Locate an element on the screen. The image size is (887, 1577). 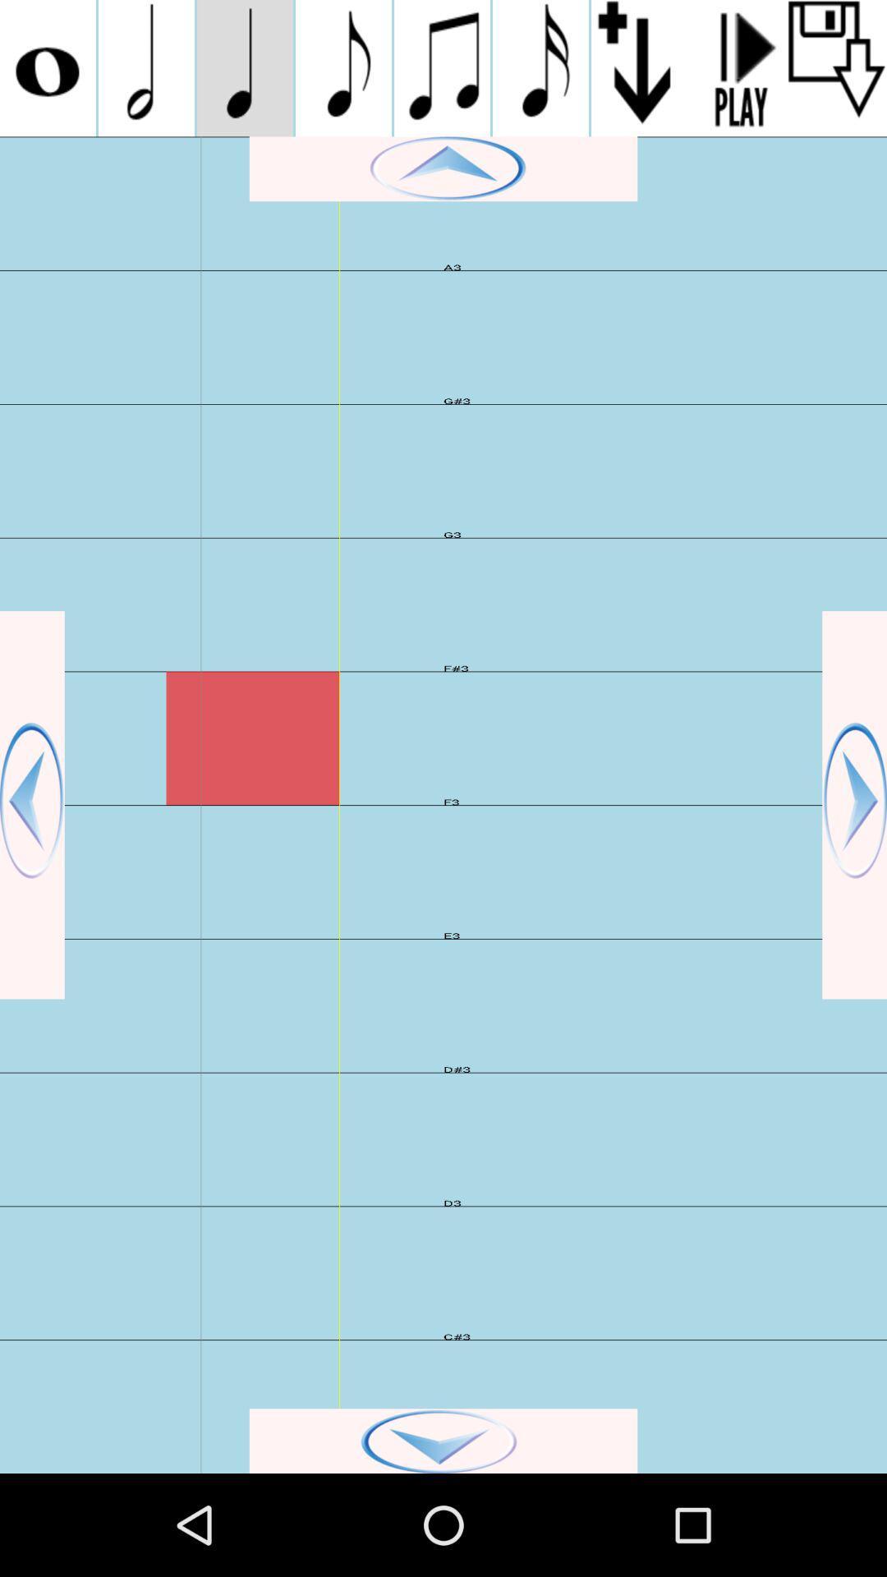
to file is located at coordinates (837, 67).